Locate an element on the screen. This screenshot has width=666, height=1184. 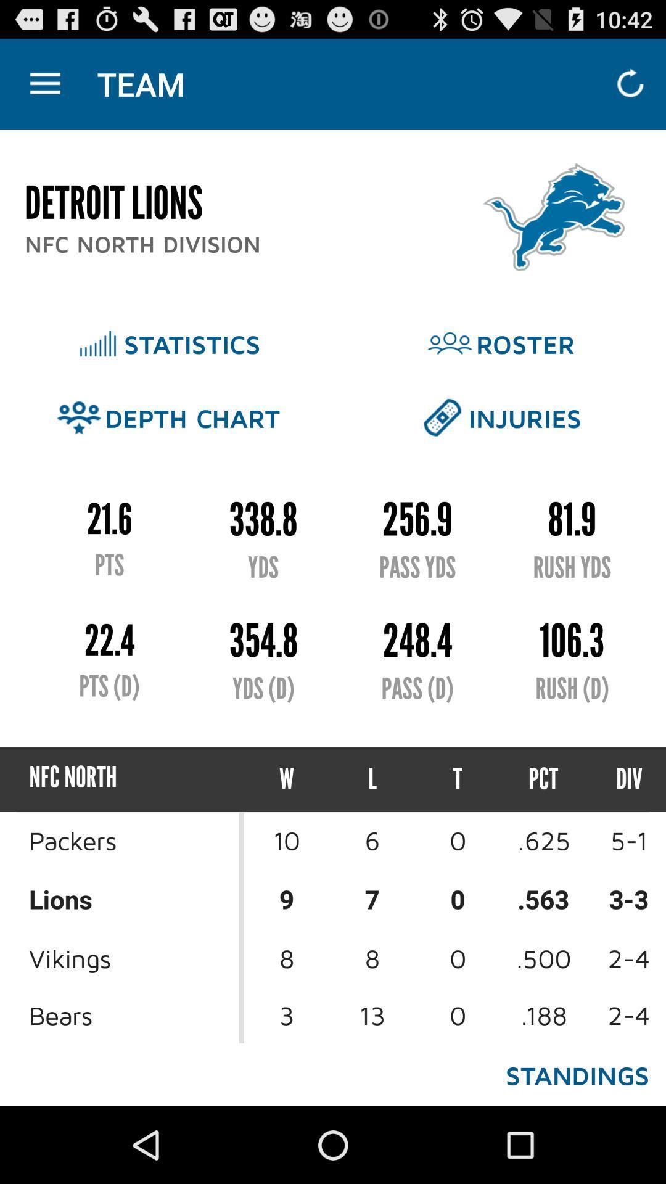
item to the left of pct item is located at coordinates (458, 778).